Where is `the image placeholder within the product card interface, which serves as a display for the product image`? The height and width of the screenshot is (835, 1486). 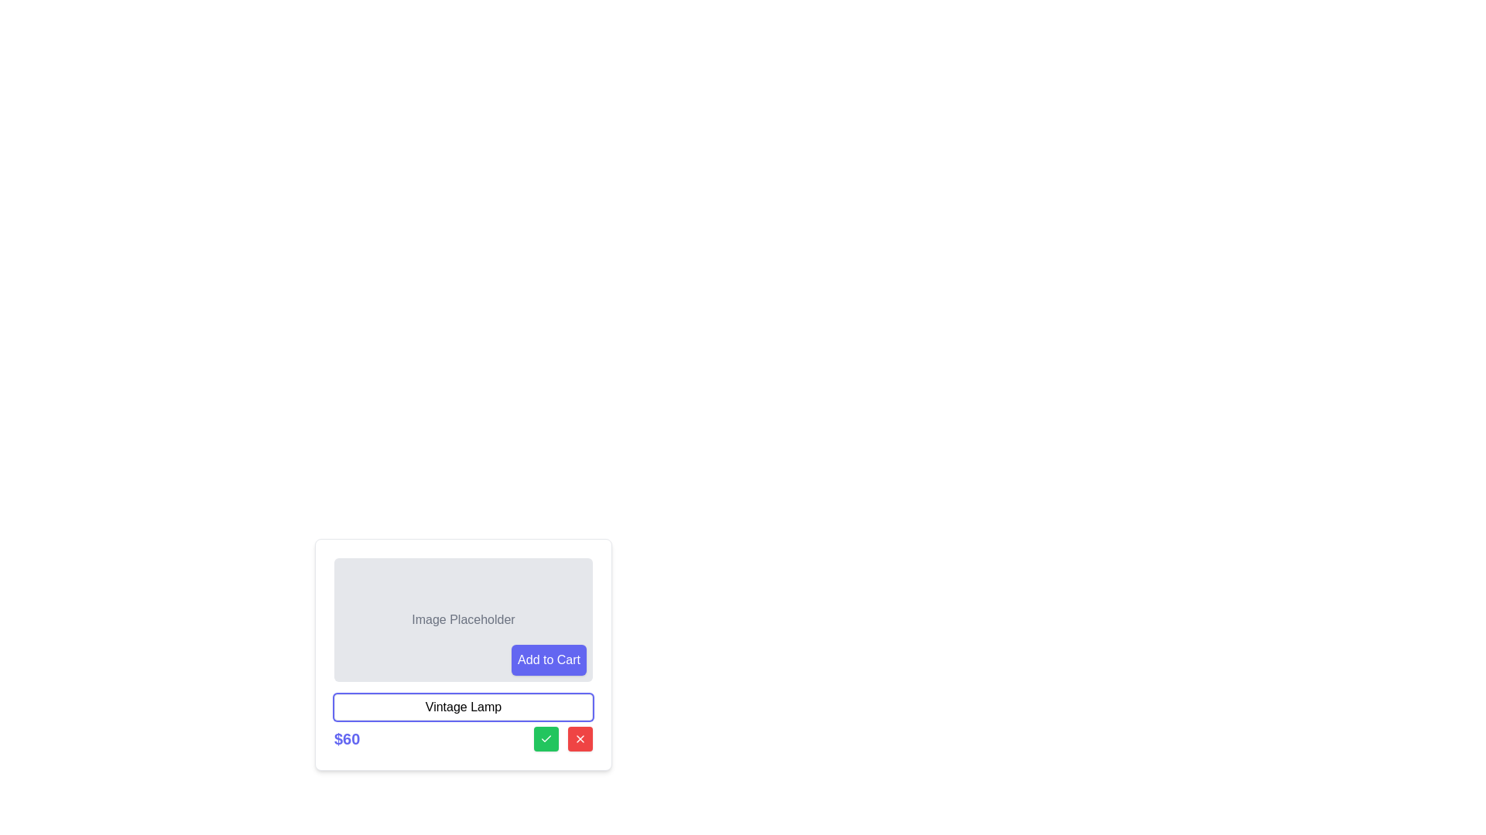 the image placeholder within the product card interface, which serves as a display for the product image is located at coordinates (463, 655).